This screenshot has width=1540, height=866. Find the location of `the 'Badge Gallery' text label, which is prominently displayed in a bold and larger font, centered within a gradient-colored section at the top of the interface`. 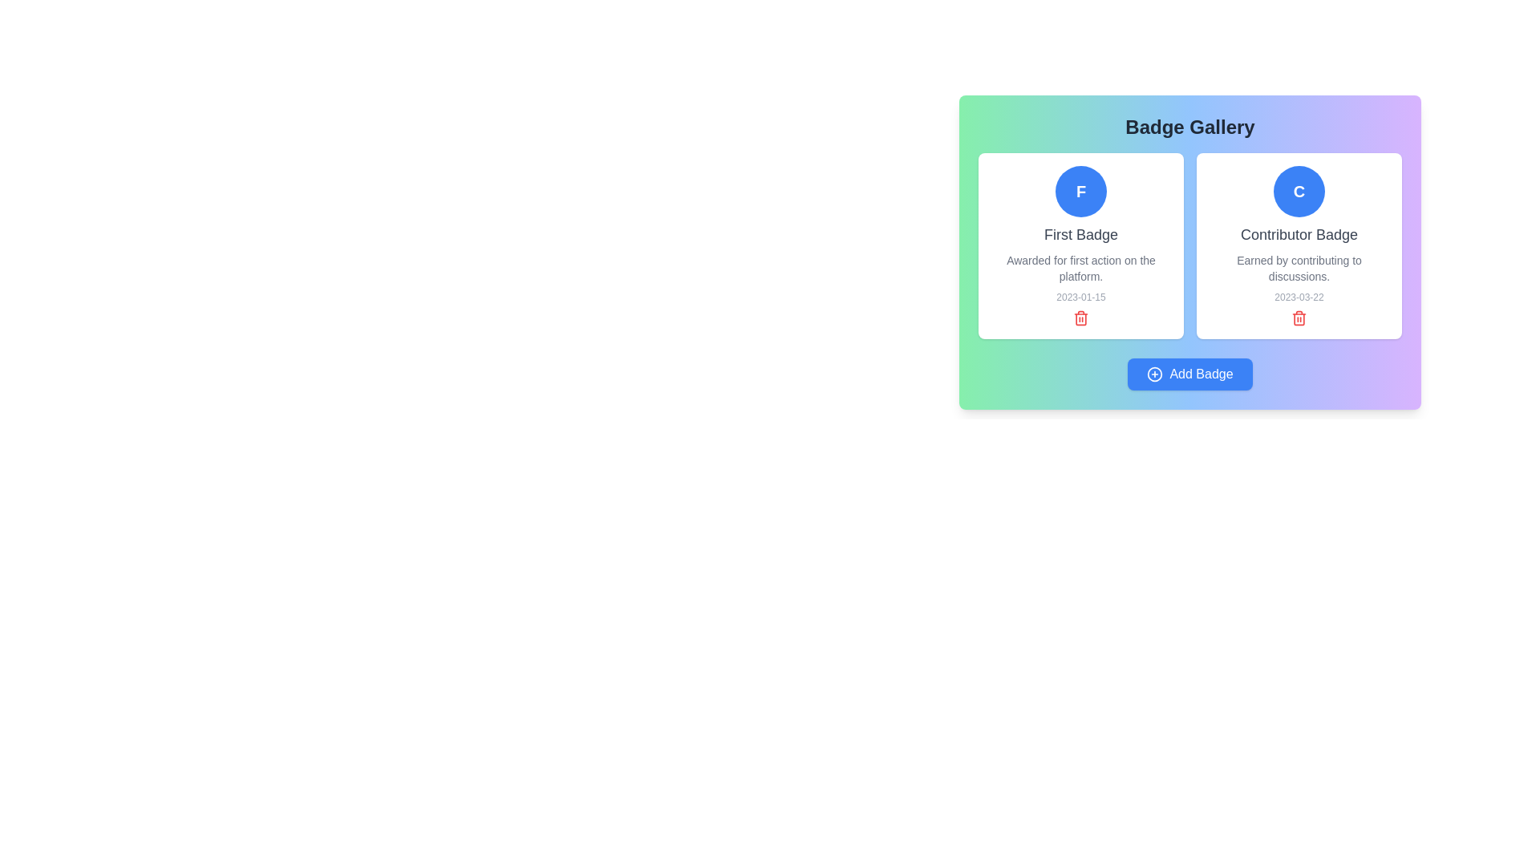

the 'Badge Gallery' text label, which is prominently displayed in a bold and larger font, centered within a gradient-colored section at the top of the interface is located at coordinates (1189, 126).